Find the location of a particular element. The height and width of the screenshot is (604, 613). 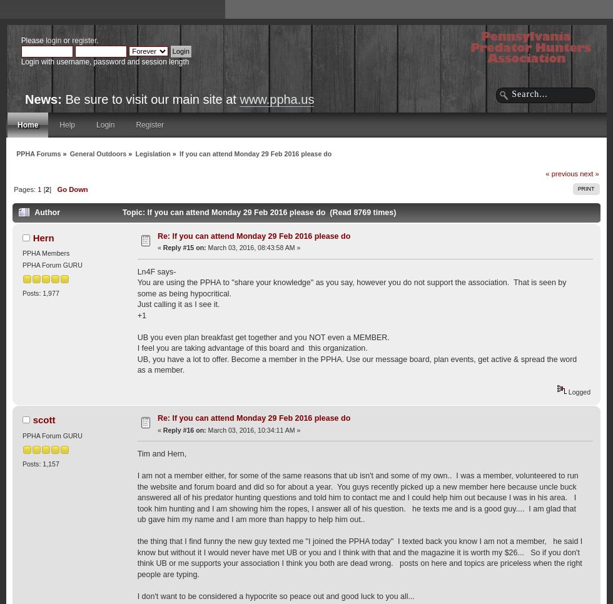

'Go Down' is located at coordinates (57, 189).